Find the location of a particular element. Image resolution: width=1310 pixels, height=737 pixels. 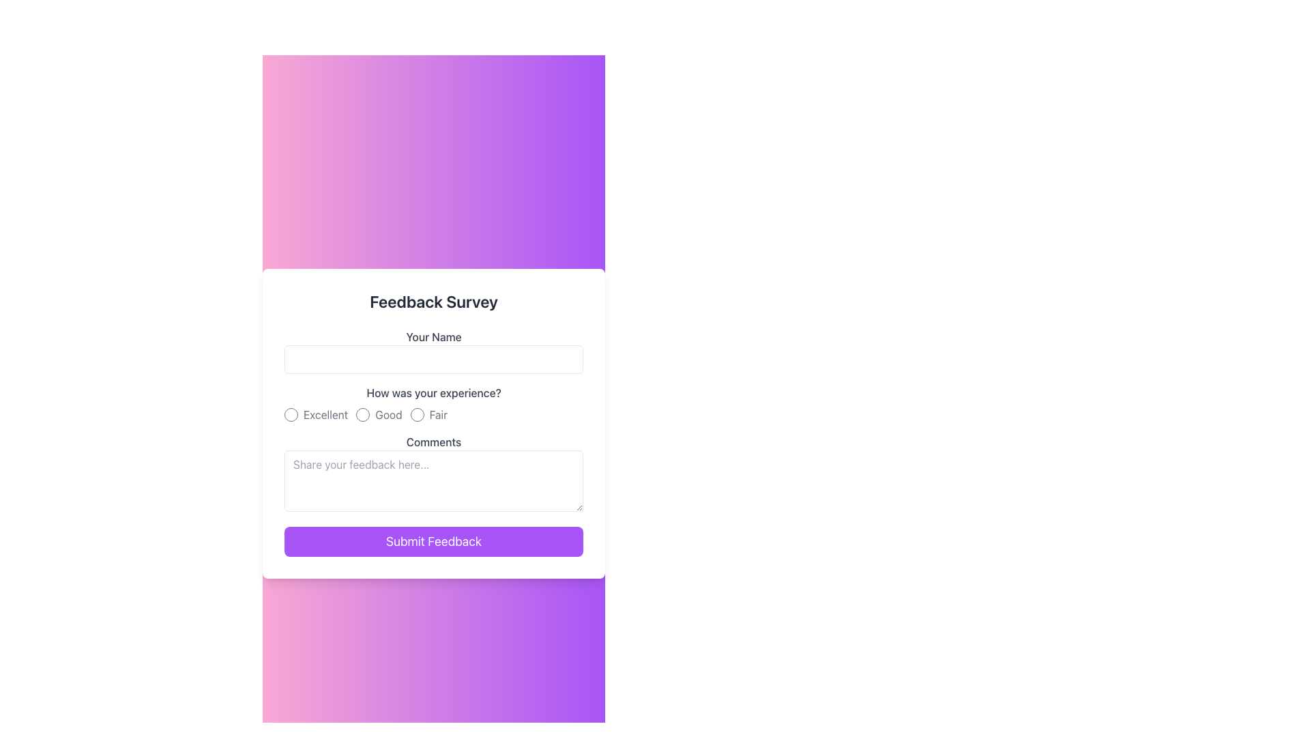

the left-most circular radio button labeled 'Excellent' is located at coordinates (291, 414).